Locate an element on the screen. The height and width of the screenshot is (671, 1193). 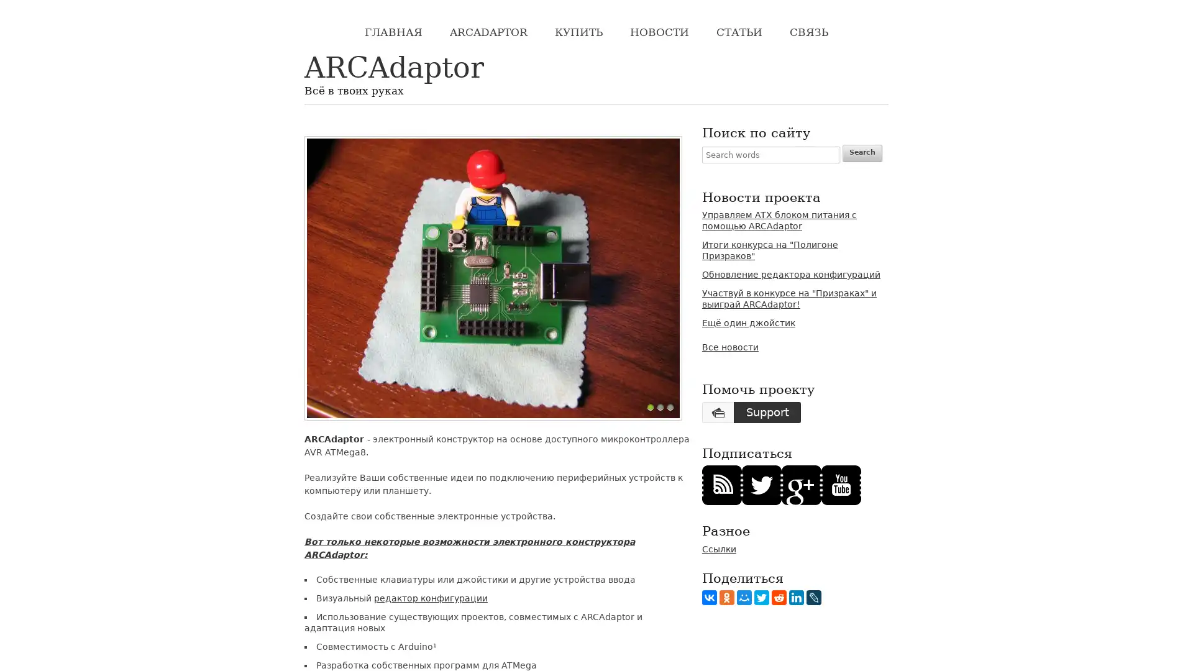
Search is located at coordinates (861, 152).